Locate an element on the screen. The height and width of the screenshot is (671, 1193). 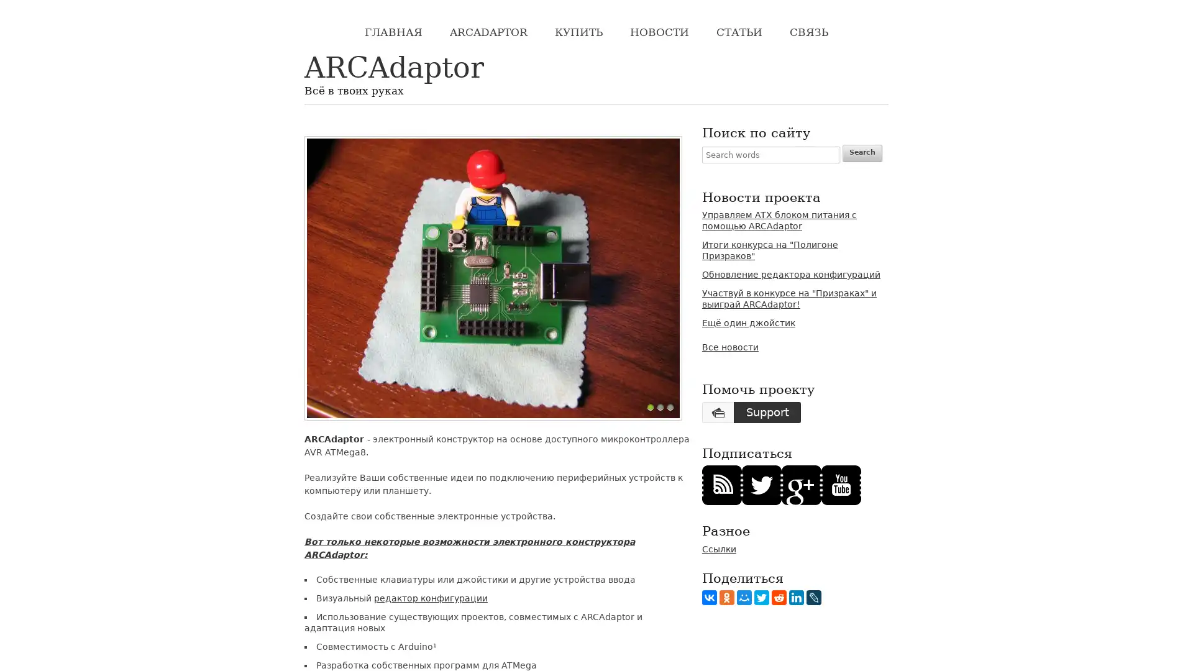
Search is located at coordinates (861, 152).